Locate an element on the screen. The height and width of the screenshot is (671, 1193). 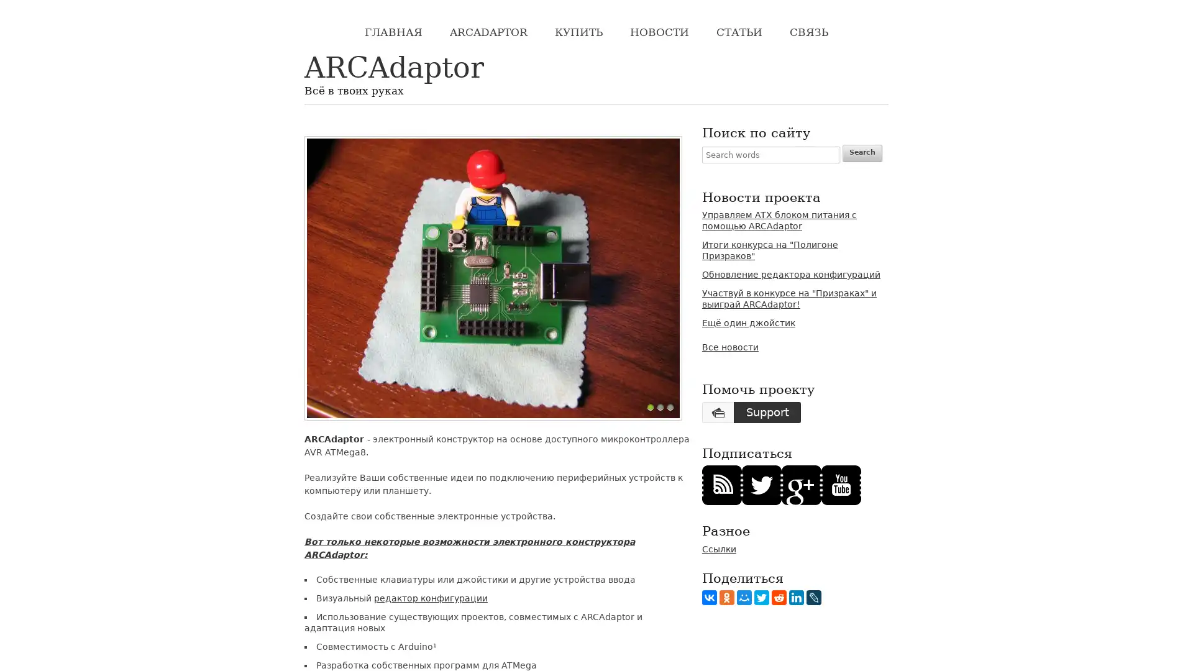
Search is located at coordinates (861, 152).